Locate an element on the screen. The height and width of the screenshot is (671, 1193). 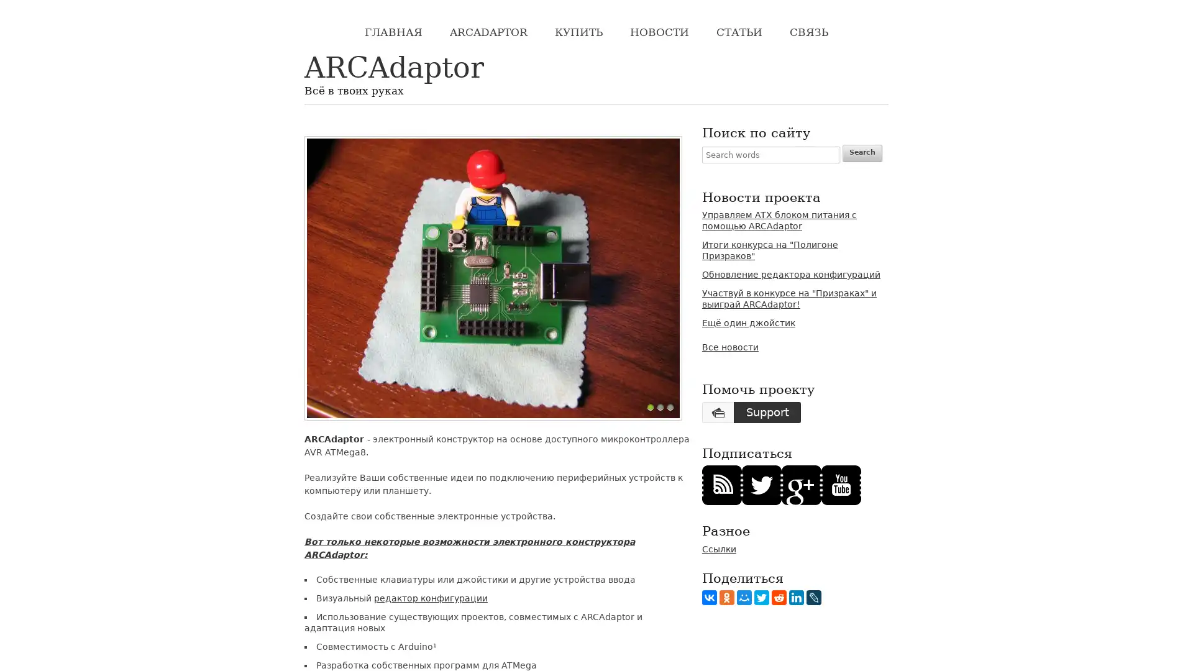
Search is located at coordinates (861, 152).